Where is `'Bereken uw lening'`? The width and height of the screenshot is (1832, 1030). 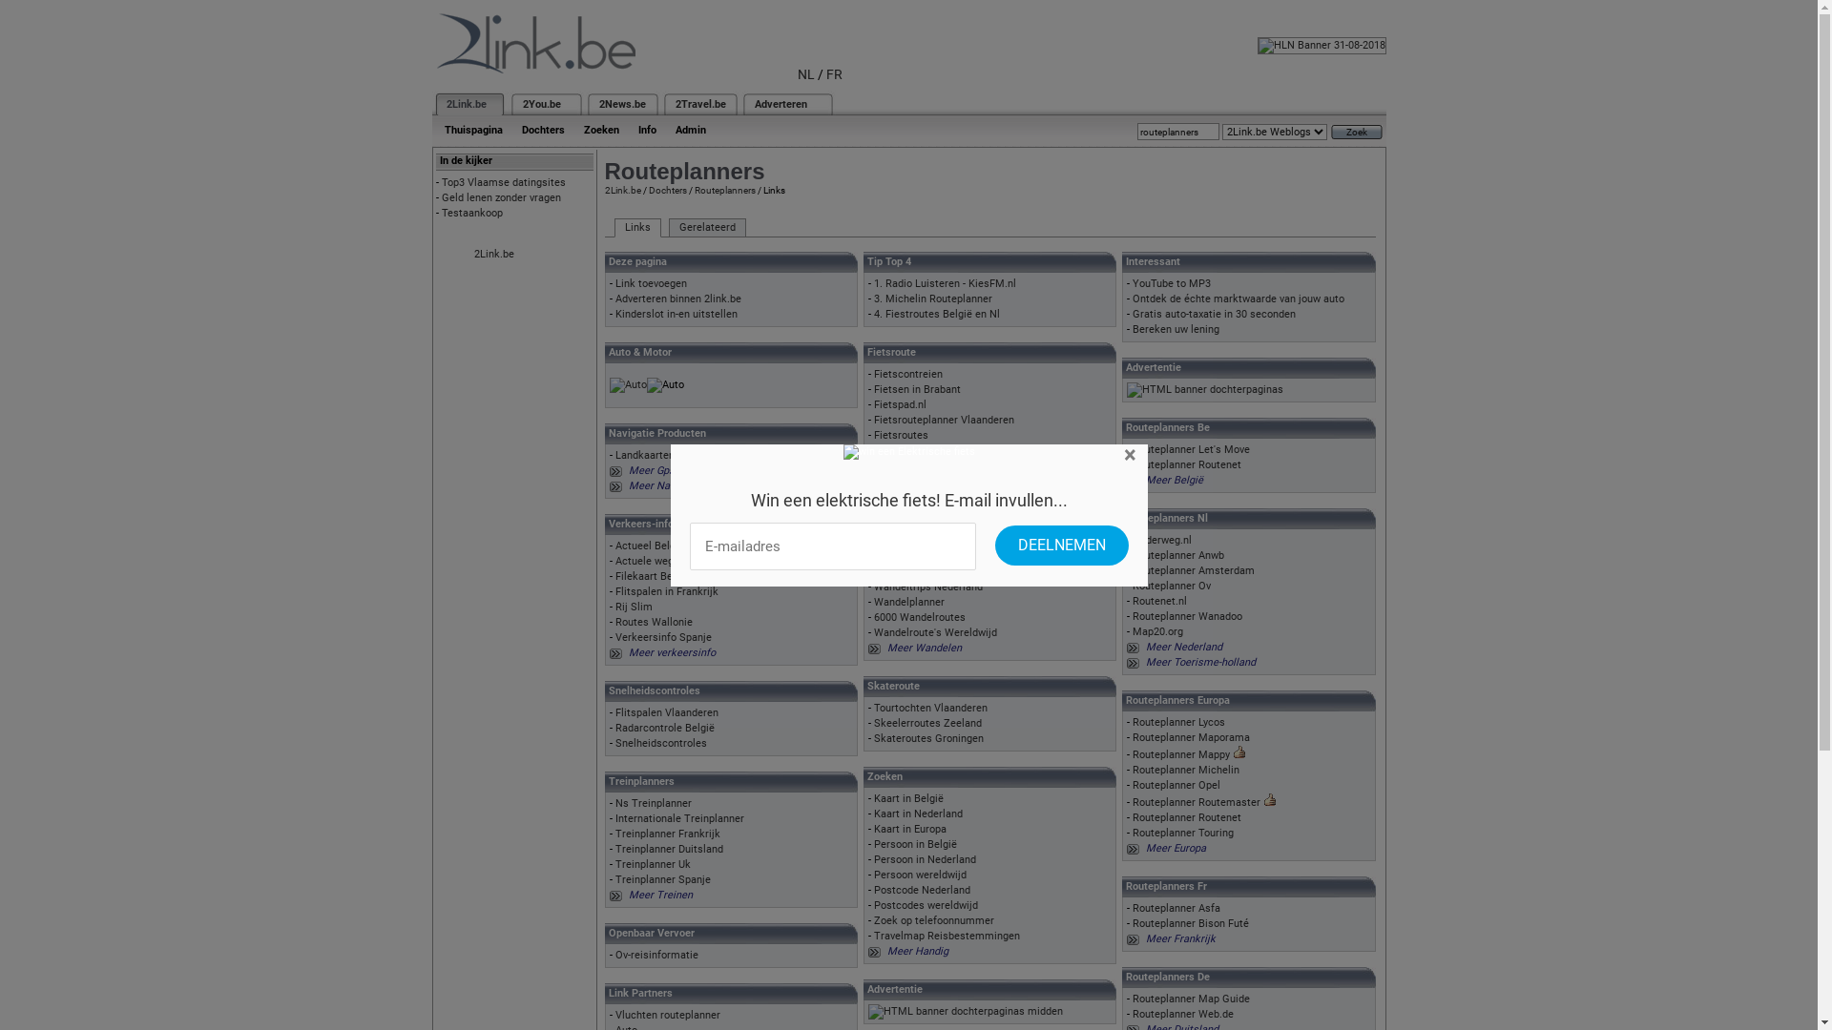
'Bereken uw lening' is located at coordinates (1175, 328).